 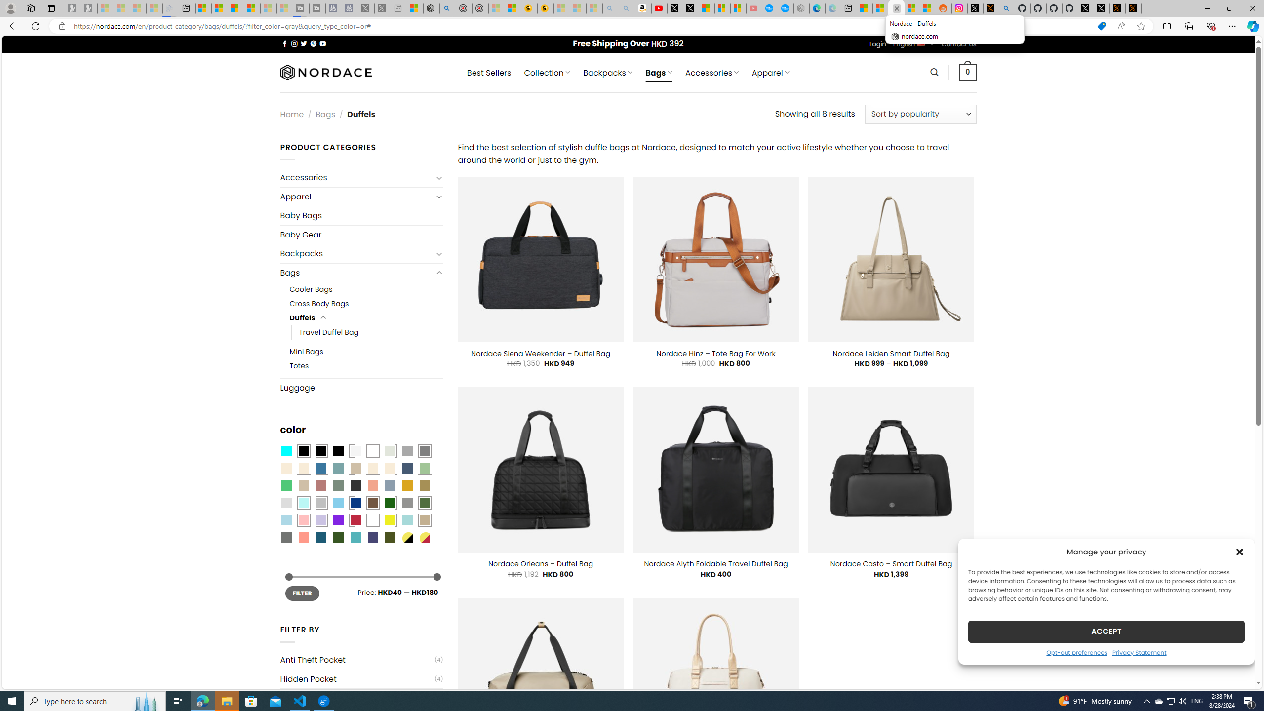 What do you see at coordinates (355, 537) in the screenshot?
I see `'Teal'` at bounding box center [355, 537].